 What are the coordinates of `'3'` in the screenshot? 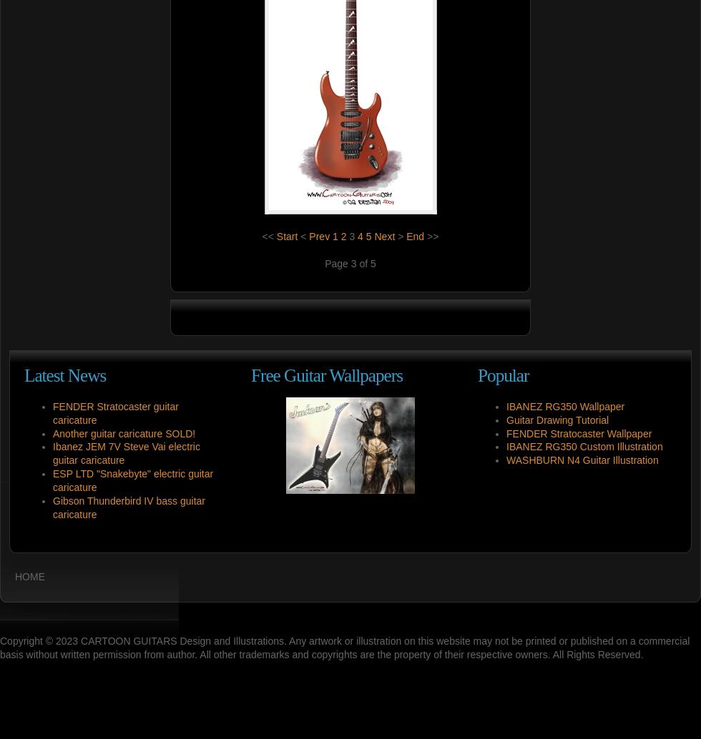 It's located at (351, 234).